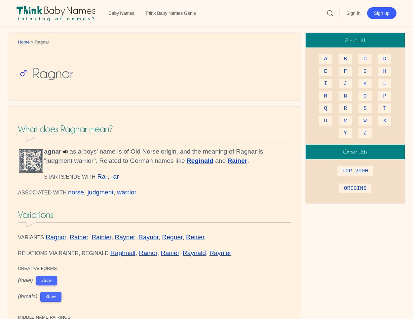 This screenshot has height=319, width=413. I want to click on 'S', so click(364, 108).